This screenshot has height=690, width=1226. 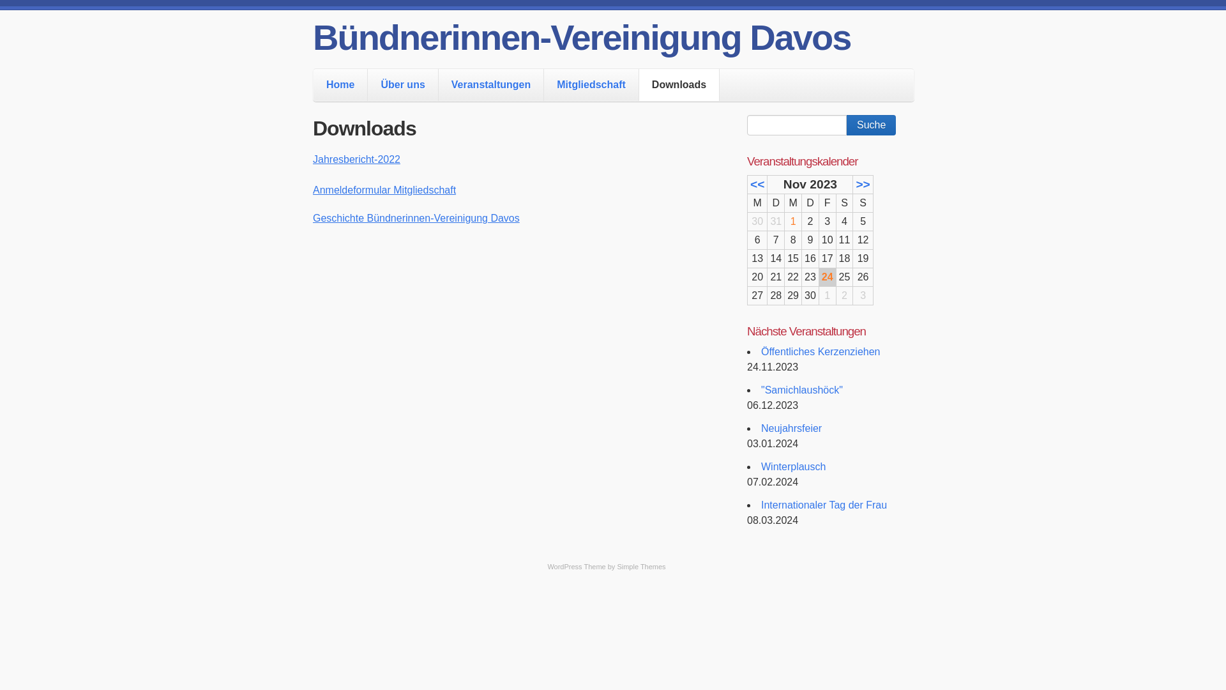 What do you see at coordinates (792, 220) in the screenshot?
I see `'1'` at bounding box center [792, 220].